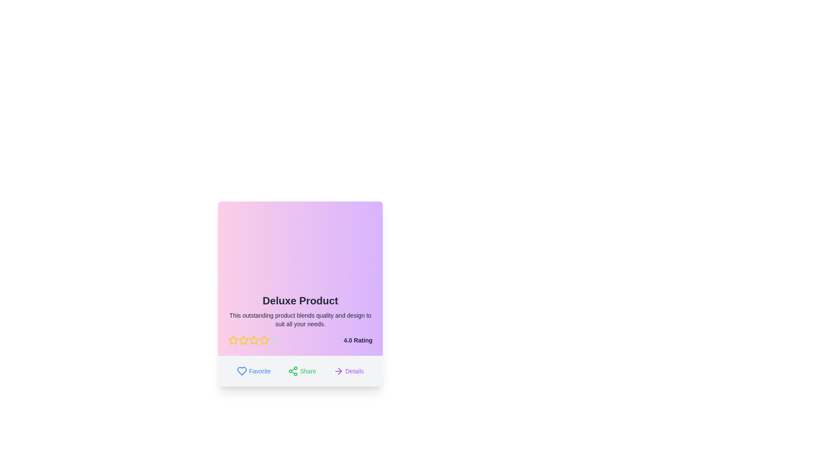  What do you see at coordinates (264, 340) in the screenshot?
I see `the sixth star icon representing a rating level in the rating stars below the 'Deluxe Product' text and aligned with the '4.0 Rating' indicator` at bounding box center [264, 340].